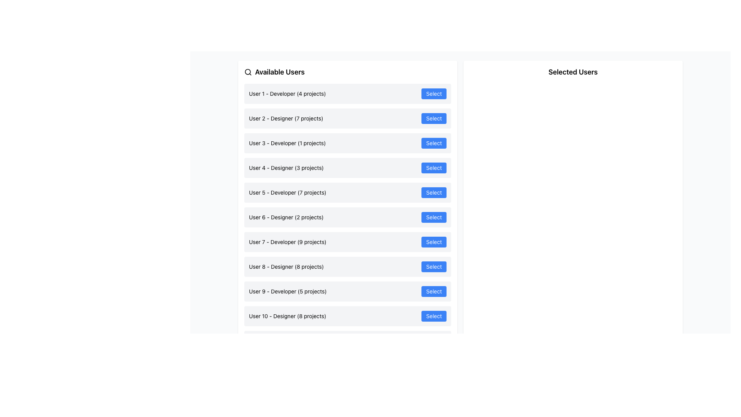  What do you see at coordinates (287, 93) in the screenshot?
I see `the text label that reads 'User 1 - Developer (4 projects)', which is styled in bold sans-serif font and positioned above a 'Select' button in a horizontally aligned panel` at bounding box center [287, 93].